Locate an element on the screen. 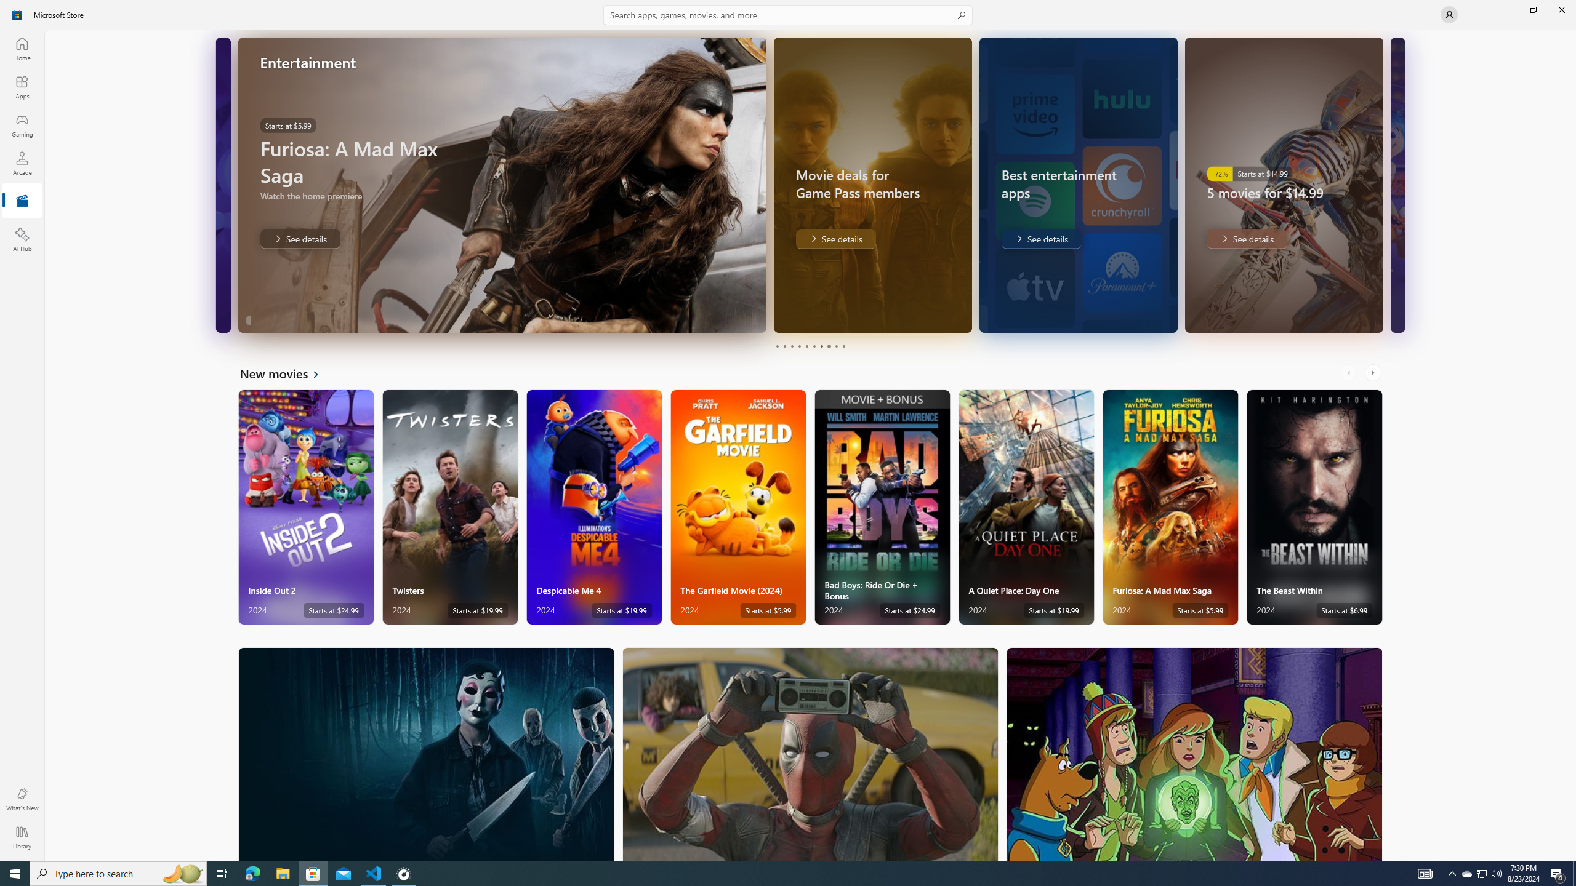  'Page 9' is located at coordinates (835, 346).